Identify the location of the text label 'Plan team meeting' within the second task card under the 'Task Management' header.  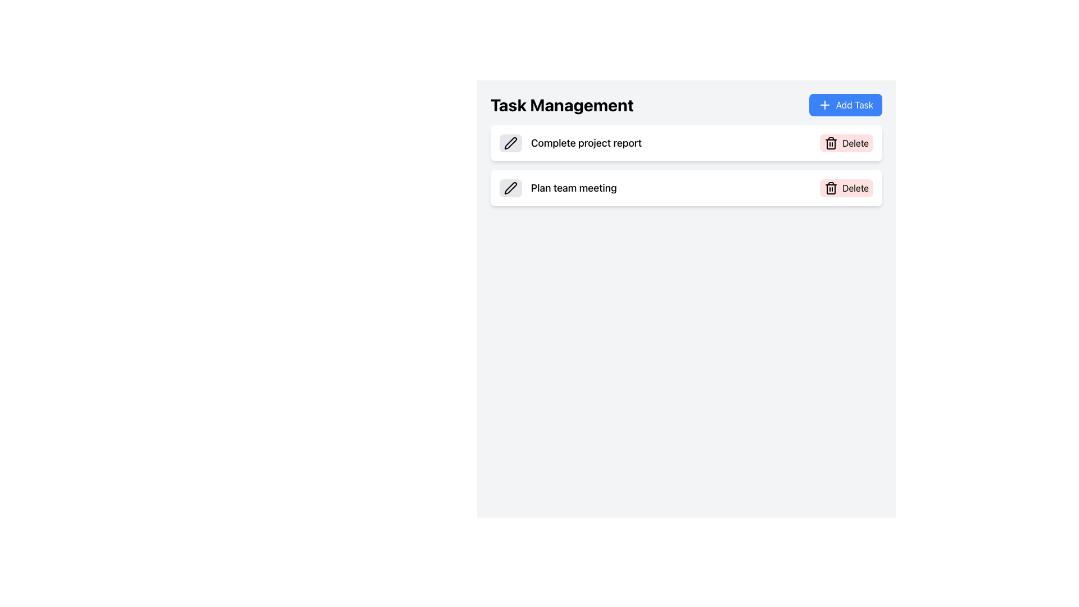
(558, 188).